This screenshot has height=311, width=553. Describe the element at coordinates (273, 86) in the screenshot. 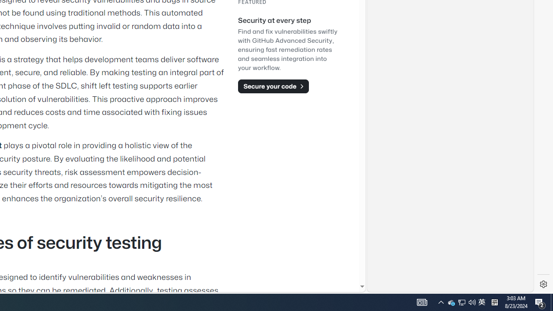

I see `'Secure your code'` at that location.